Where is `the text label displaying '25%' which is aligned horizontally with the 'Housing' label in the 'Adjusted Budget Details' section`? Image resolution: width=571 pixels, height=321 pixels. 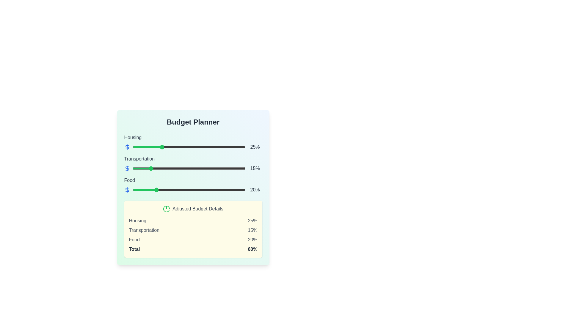 the text label displaying '25%' which is aligned horizontally with the 'Housing' label in the 'Adjusted Budget Details' section is located at coordinates (252, 221).